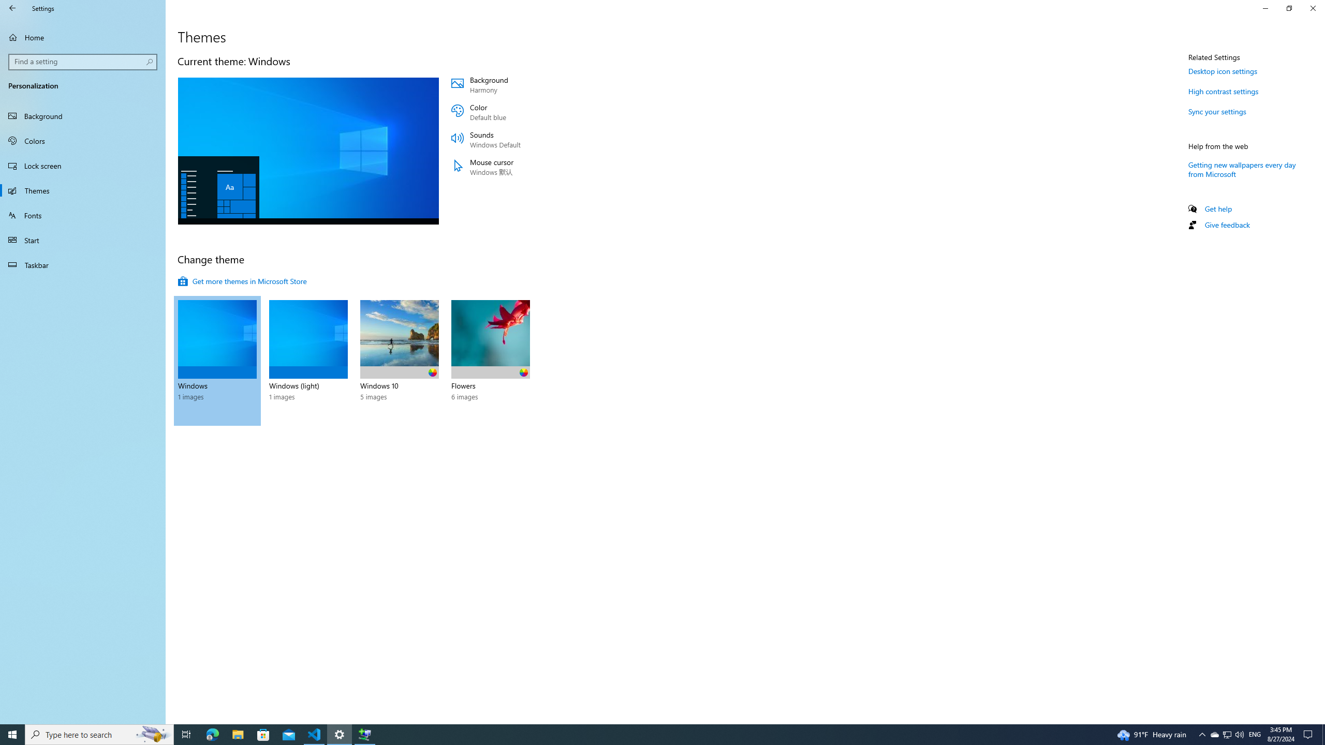 The width and height of the screenshot is (1325, 745). I want to click on 'Windows (light) 1 images', so click(308, 361).